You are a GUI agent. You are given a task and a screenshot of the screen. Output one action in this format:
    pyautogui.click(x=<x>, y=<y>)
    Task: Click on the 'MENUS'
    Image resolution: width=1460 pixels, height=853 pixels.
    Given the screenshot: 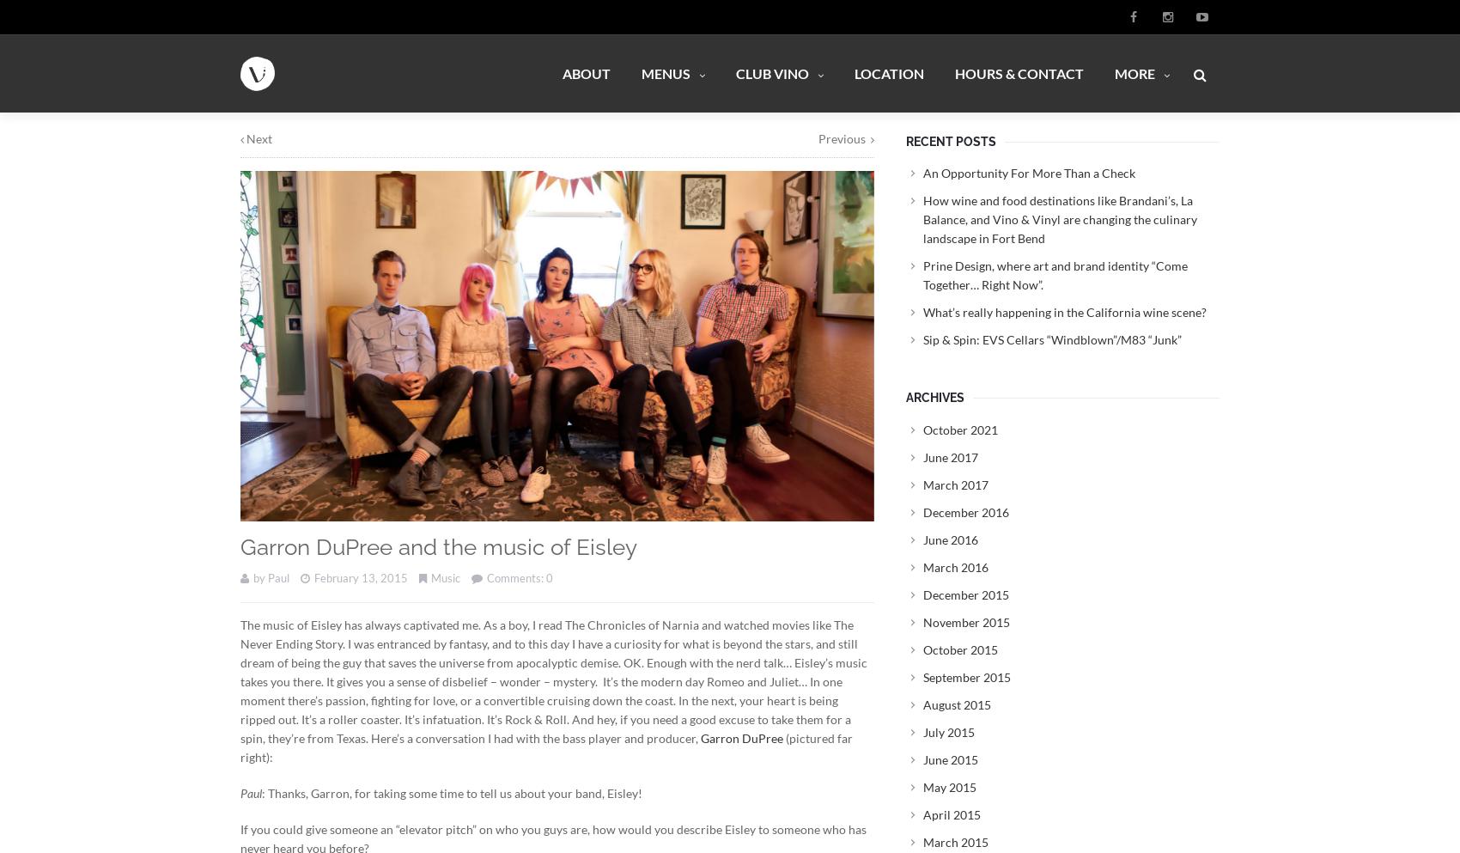 What is the action you would take?
    pyautogui.click(x=665, y=71)
    